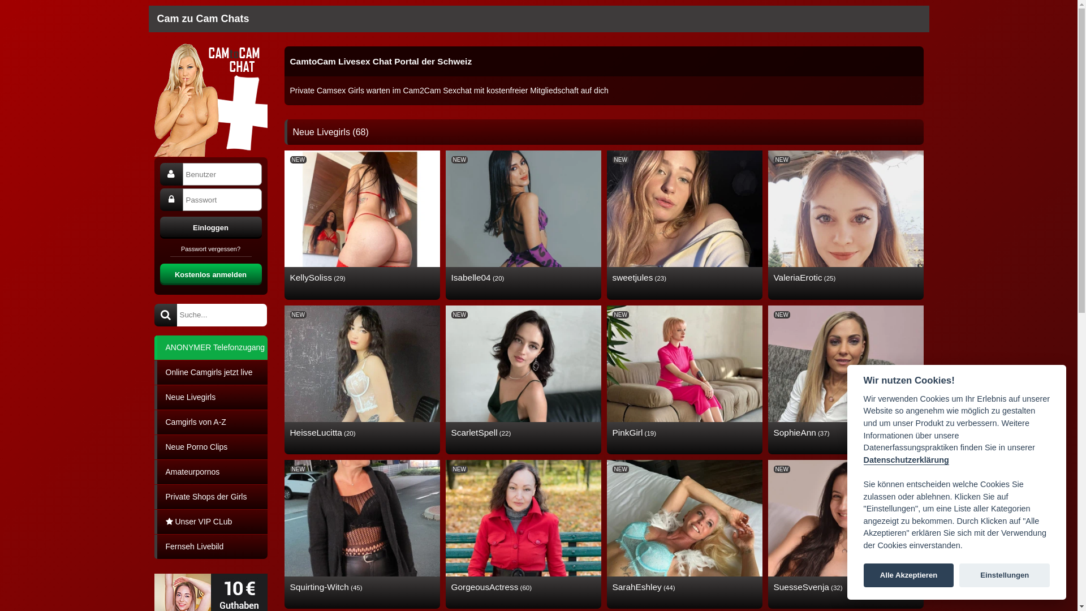  Describe the element at coordinates (210, 471) in the screenshot. I see `'Amateurpornos'` at that location.